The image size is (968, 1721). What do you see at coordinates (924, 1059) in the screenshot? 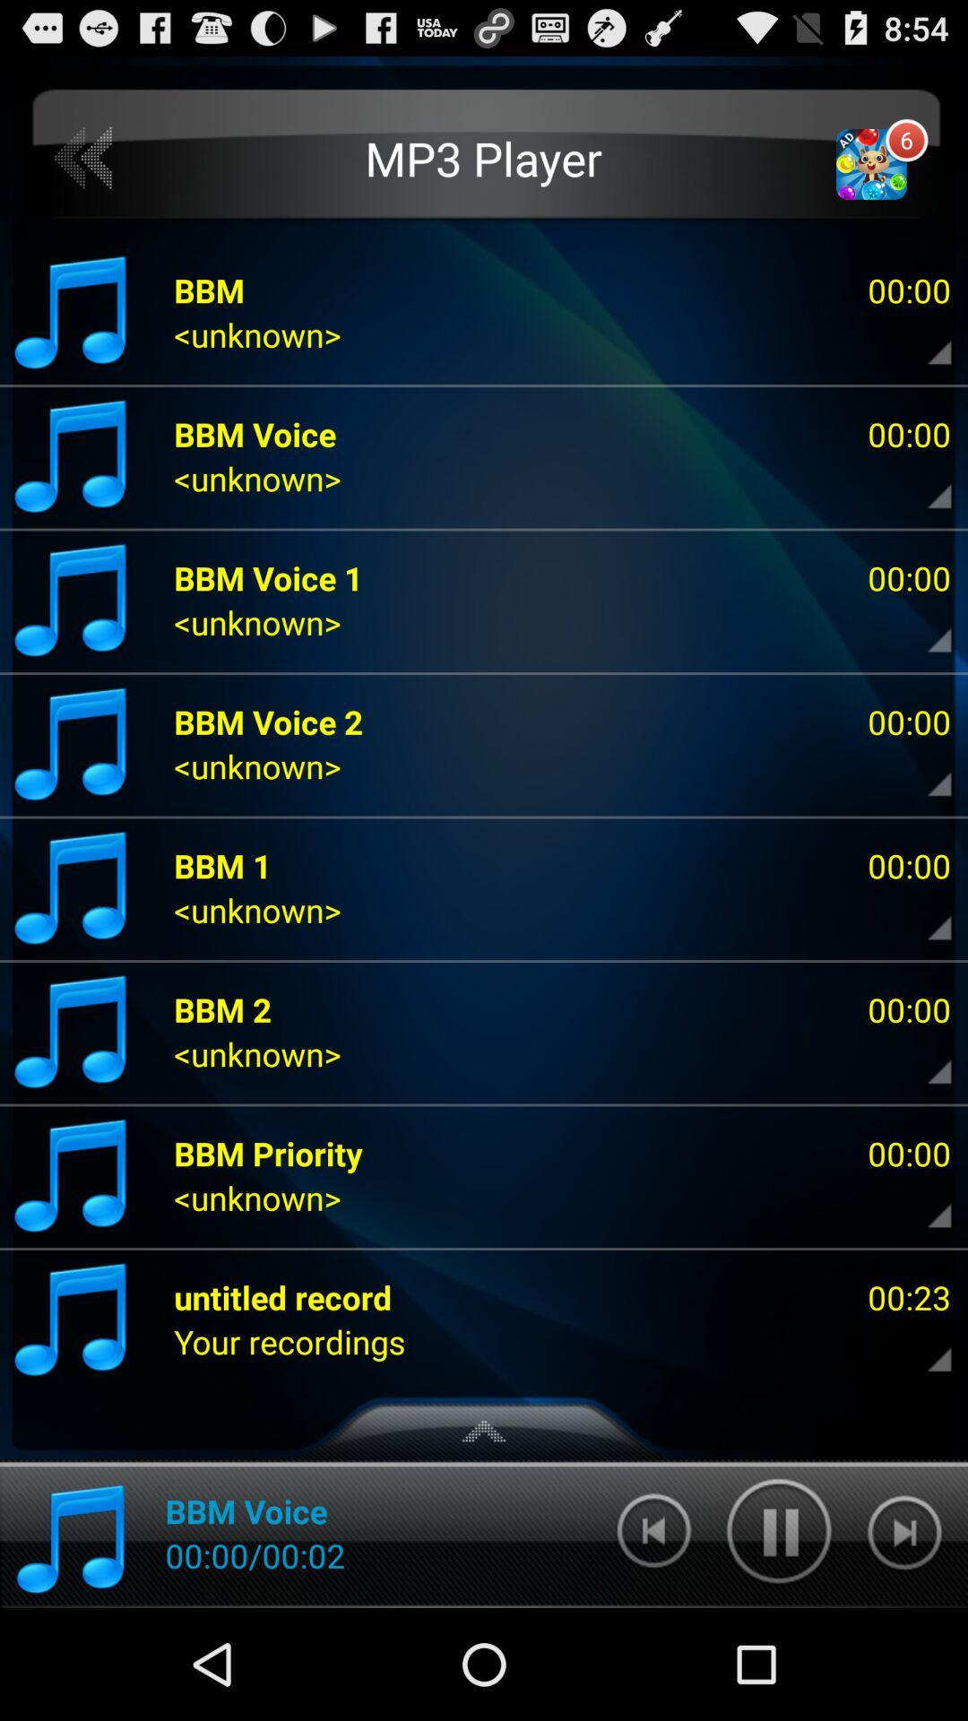
I see `expand options` at bounding box center [924, 1059].